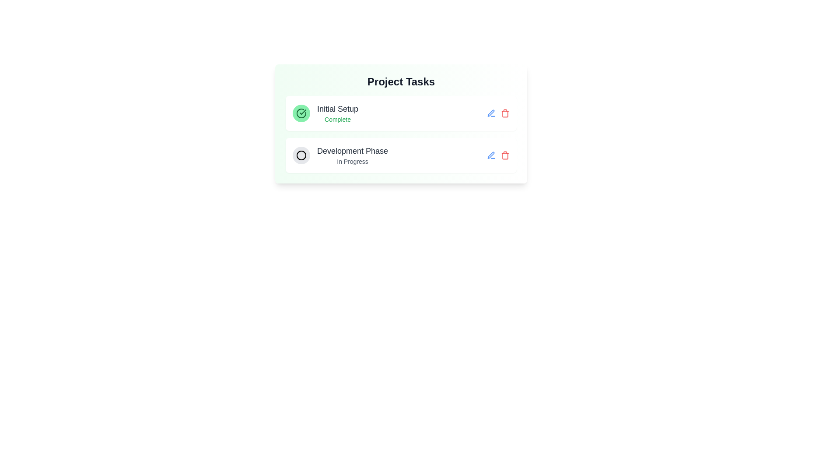 This screenshot has height=473, width=840. Describe the element at coordinates (353, 162) in the screenshot. I see `the status indicator Text Label that communicates the current task 'Development Phase' in progress, located below the text 'Development Phase' within the 'Project Tasks' list` at that location.